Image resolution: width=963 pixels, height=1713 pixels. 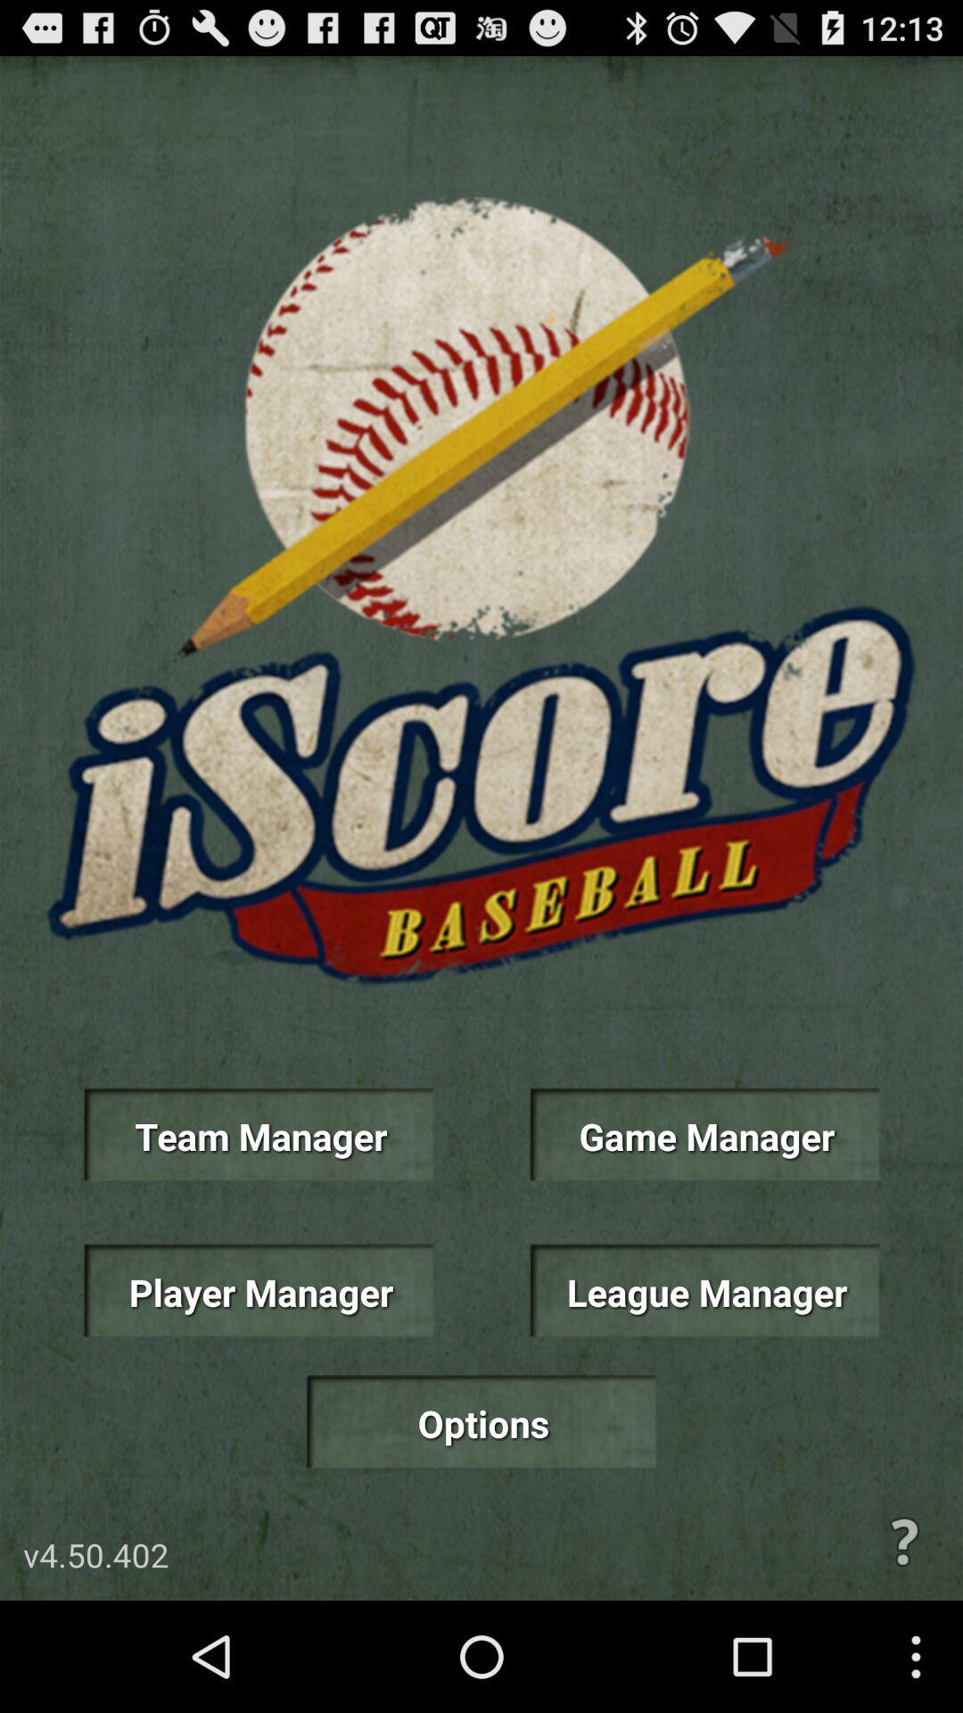 I want to click on the game manager, so click(x=704, y=1134).